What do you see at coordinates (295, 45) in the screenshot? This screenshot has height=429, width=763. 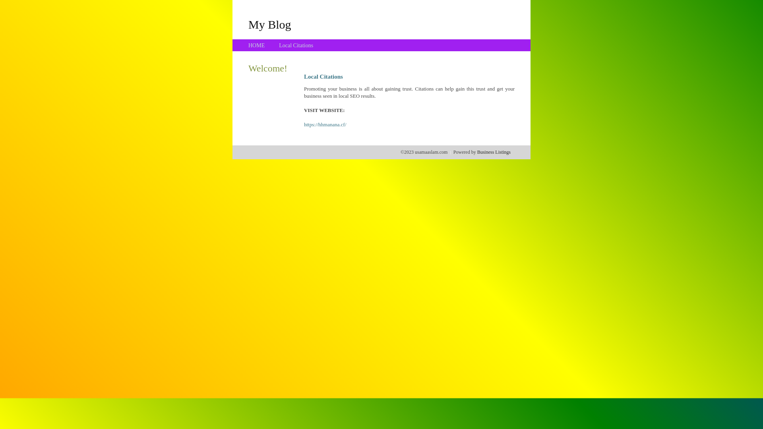 I see `'Local Citations'` at bounding box center [295, 45].